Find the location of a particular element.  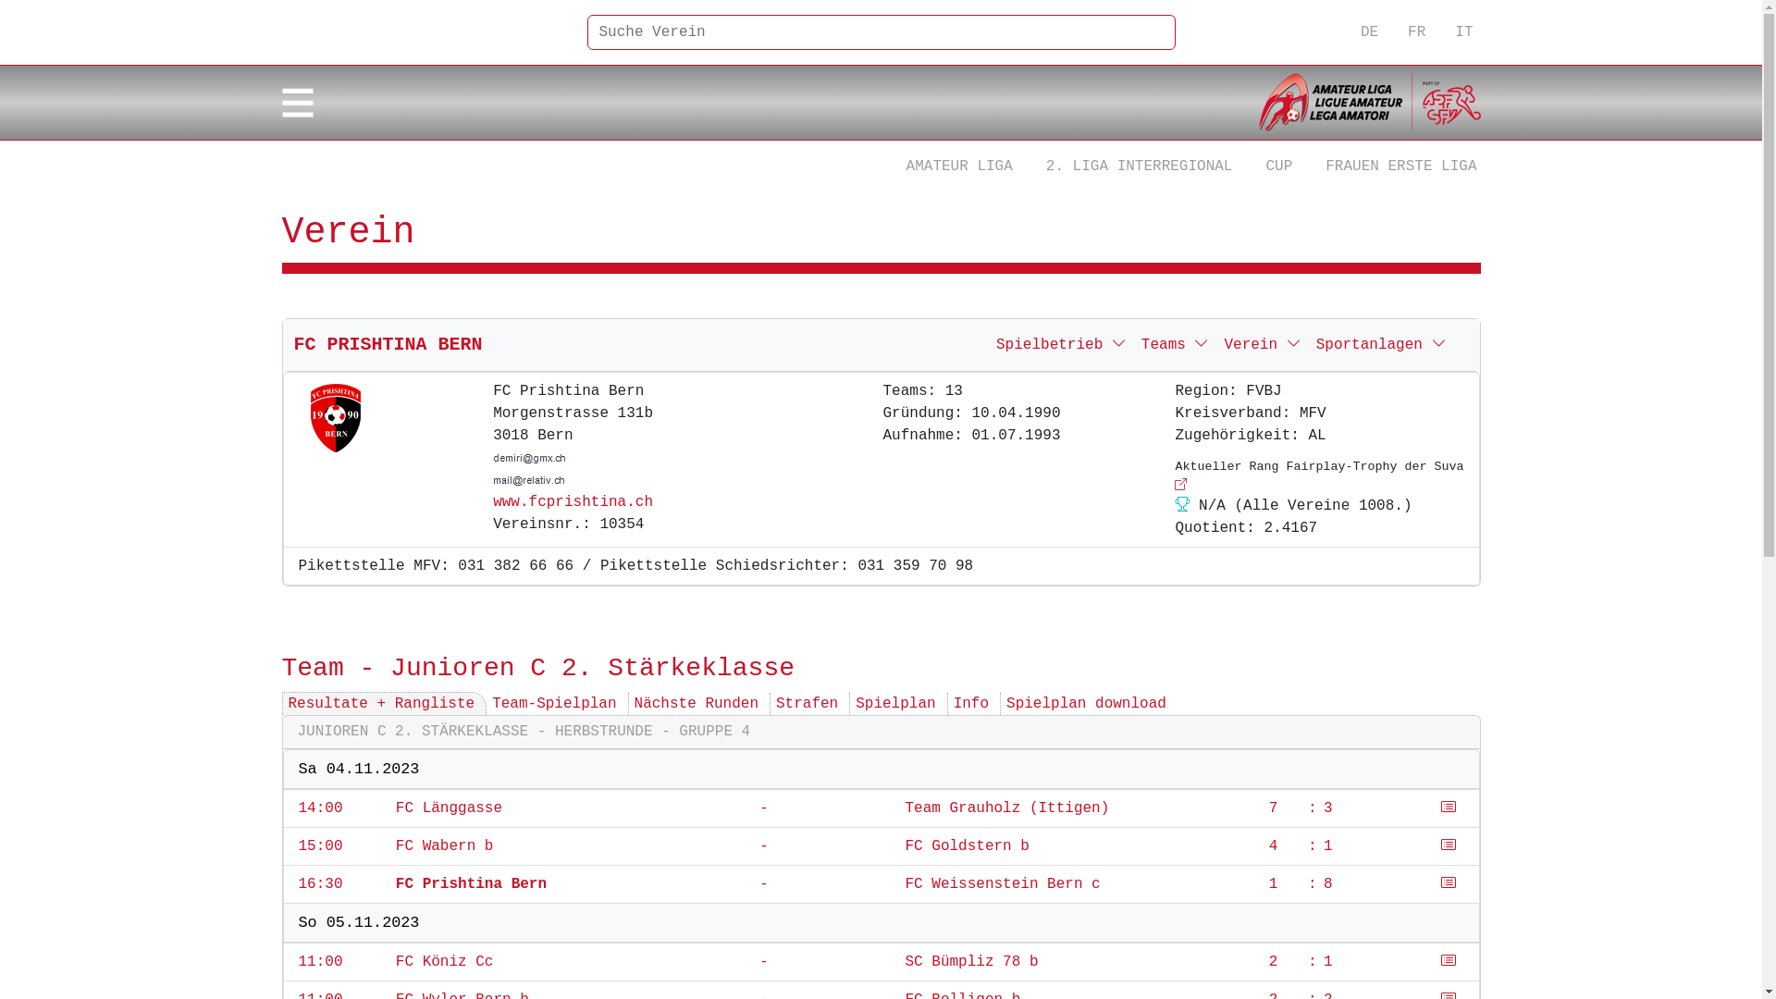

'AMATEUR LIGA' is located at coordinates (959, 166).